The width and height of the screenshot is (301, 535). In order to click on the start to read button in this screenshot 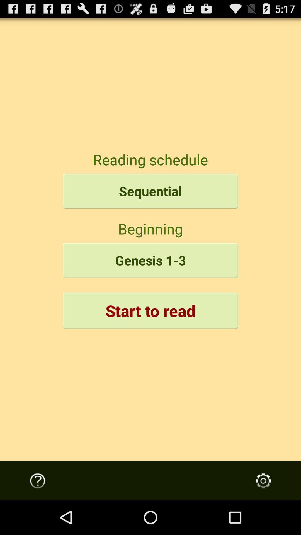, I will do `click(151, 310)`.